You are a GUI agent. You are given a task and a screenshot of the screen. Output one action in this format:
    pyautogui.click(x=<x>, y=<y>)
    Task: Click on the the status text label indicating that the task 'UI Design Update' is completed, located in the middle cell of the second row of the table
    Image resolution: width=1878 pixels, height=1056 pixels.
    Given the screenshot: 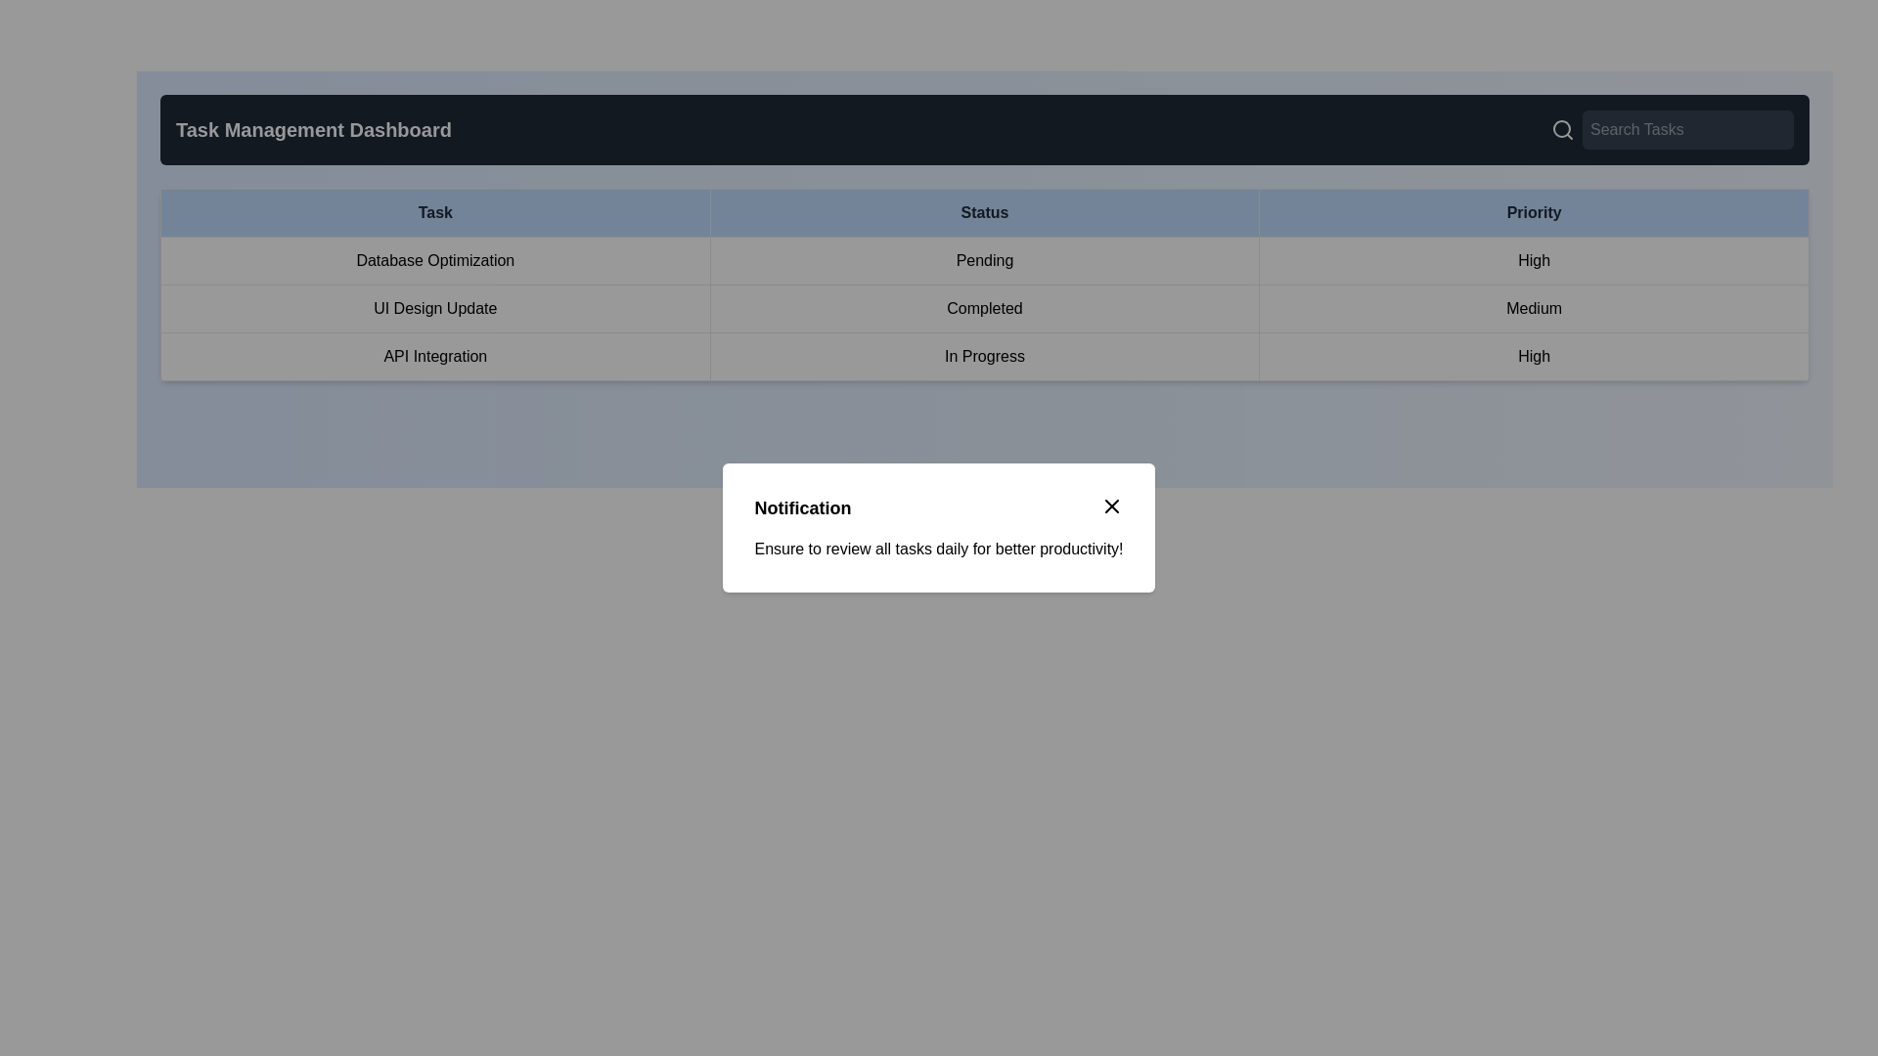 What is the action you would take?
    pyautogui.click(x=985, y=308)
    